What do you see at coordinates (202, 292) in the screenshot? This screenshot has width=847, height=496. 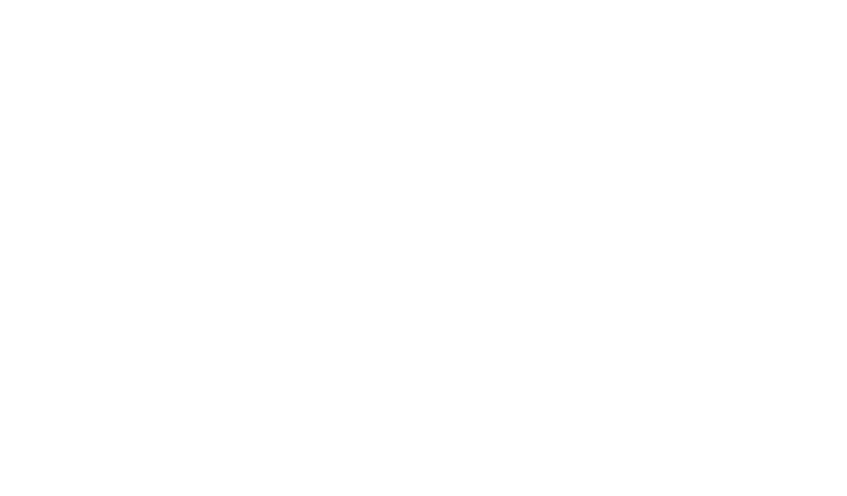 I see `'Welding Value is a corporate blog hosted by Kemppi Oy. We want to evoke discussion on the transformation of modern welding, and bring you the latest stories from within the global welding industry told by true experts.'` at bounding box center [202, 292].